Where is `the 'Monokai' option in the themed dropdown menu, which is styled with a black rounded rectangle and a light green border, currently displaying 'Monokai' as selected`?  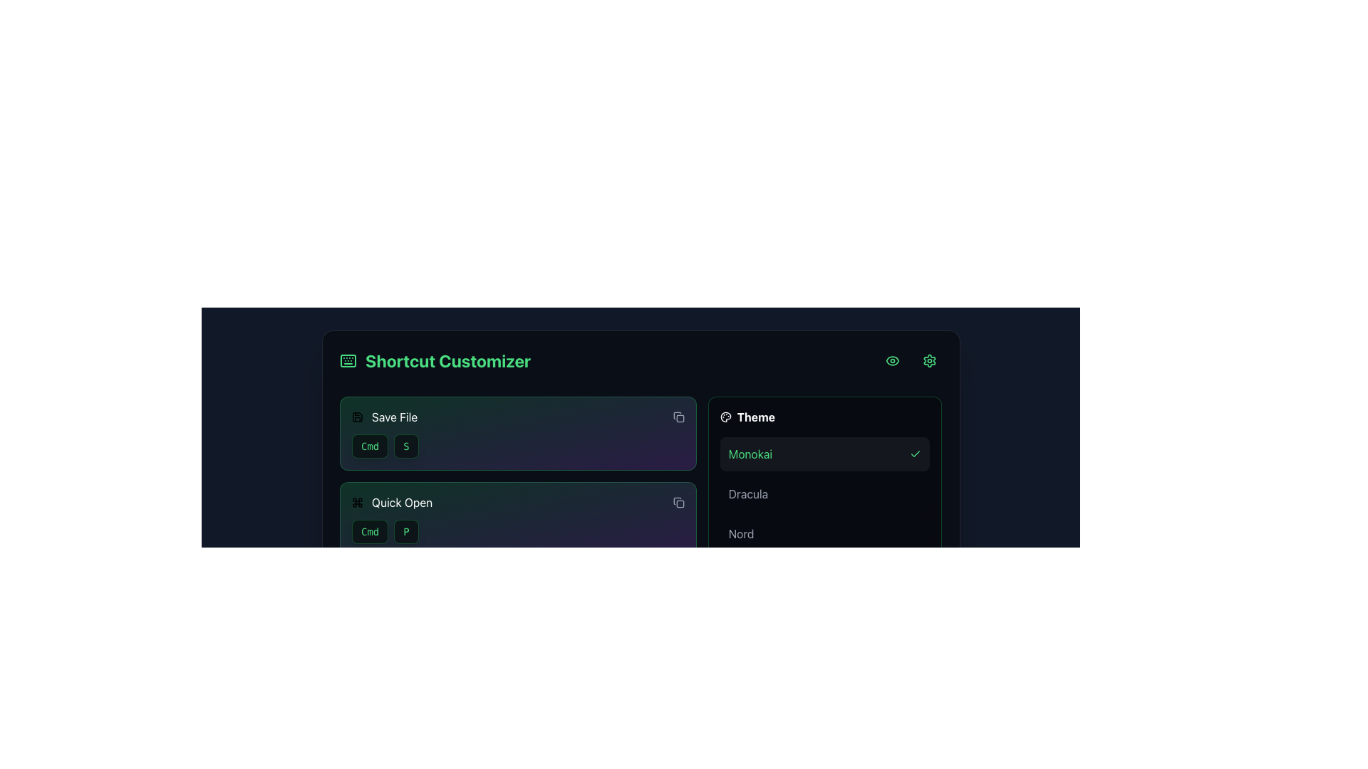
the 'Monokai' option in the themed dropdown menu, which is styled with a black rounded rectangle and a light green border, currently displaying 'Monokai' as selected is located at coordinates (825, 480).